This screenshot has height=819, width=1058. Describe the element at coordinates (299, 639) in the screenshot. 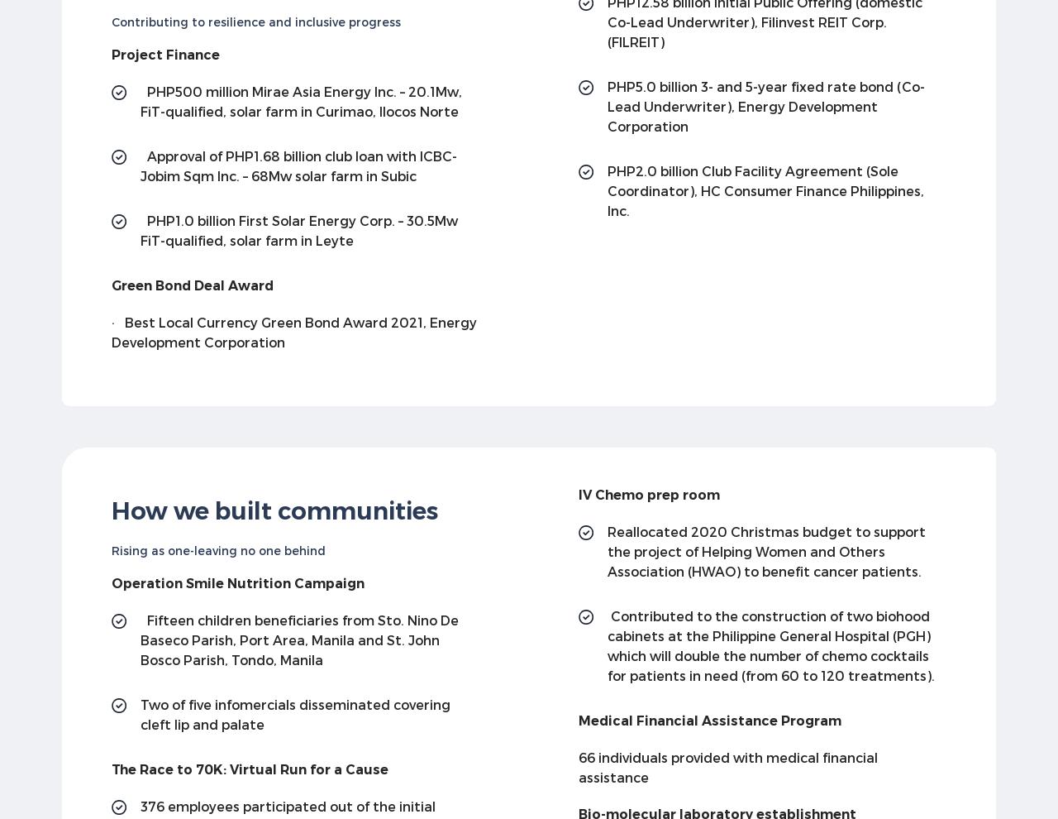

I see `'Fifteen children beneficiaries from Sto. Nino De Baseco Parish, Port Area, Manila and St. John Bosco Parish, Tondo, Manila'` at that location.